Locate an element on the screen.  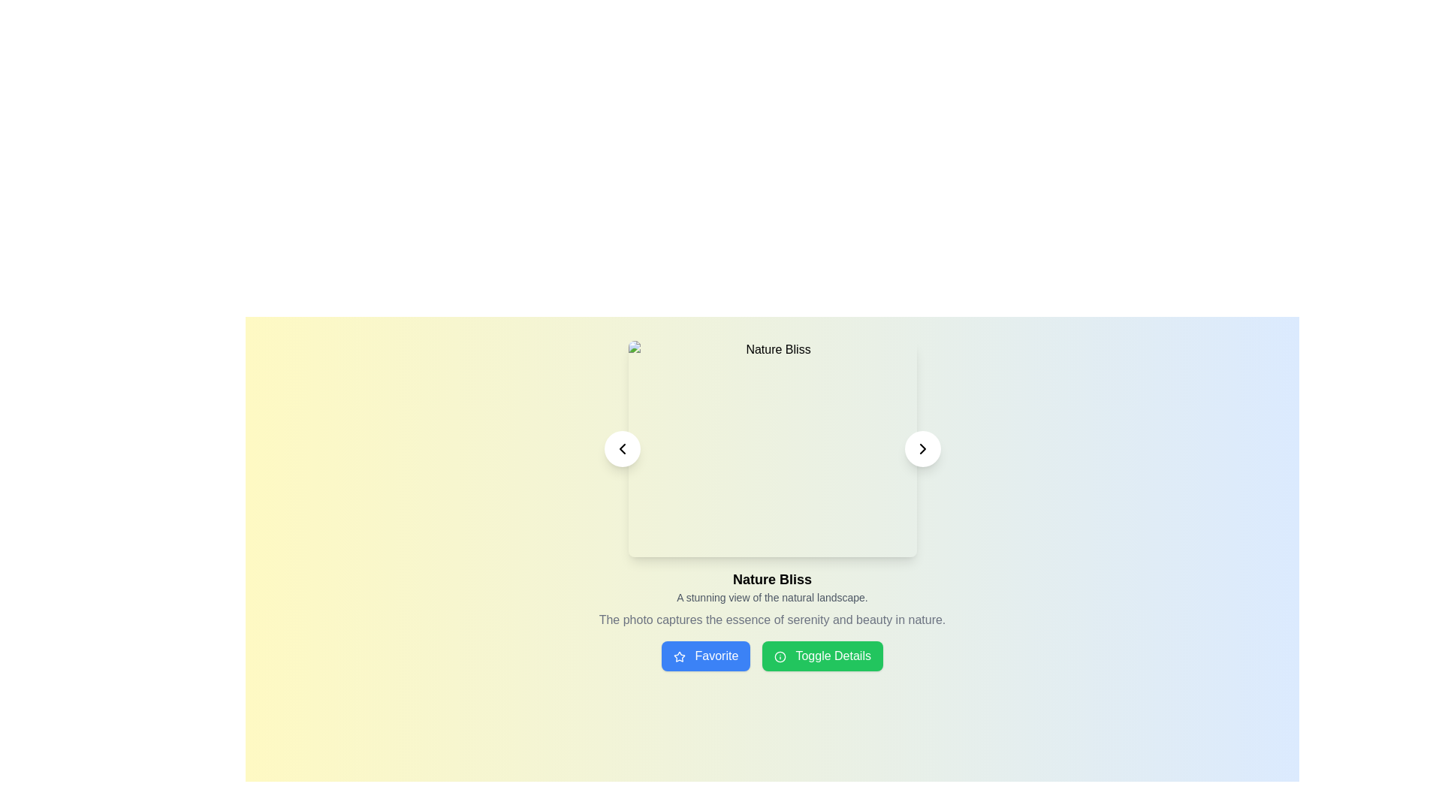
the left-pointing chevron icon with a black stroke is located at coordinates (622, 448).